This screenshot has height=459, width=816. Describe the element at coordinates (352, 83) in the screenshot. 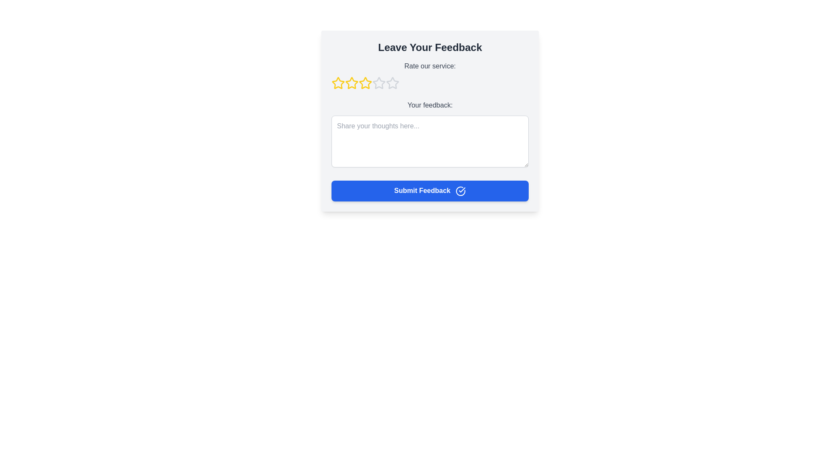

I see `the second star icon in the row of five rating stars located near the top of the feedback form` at that location.